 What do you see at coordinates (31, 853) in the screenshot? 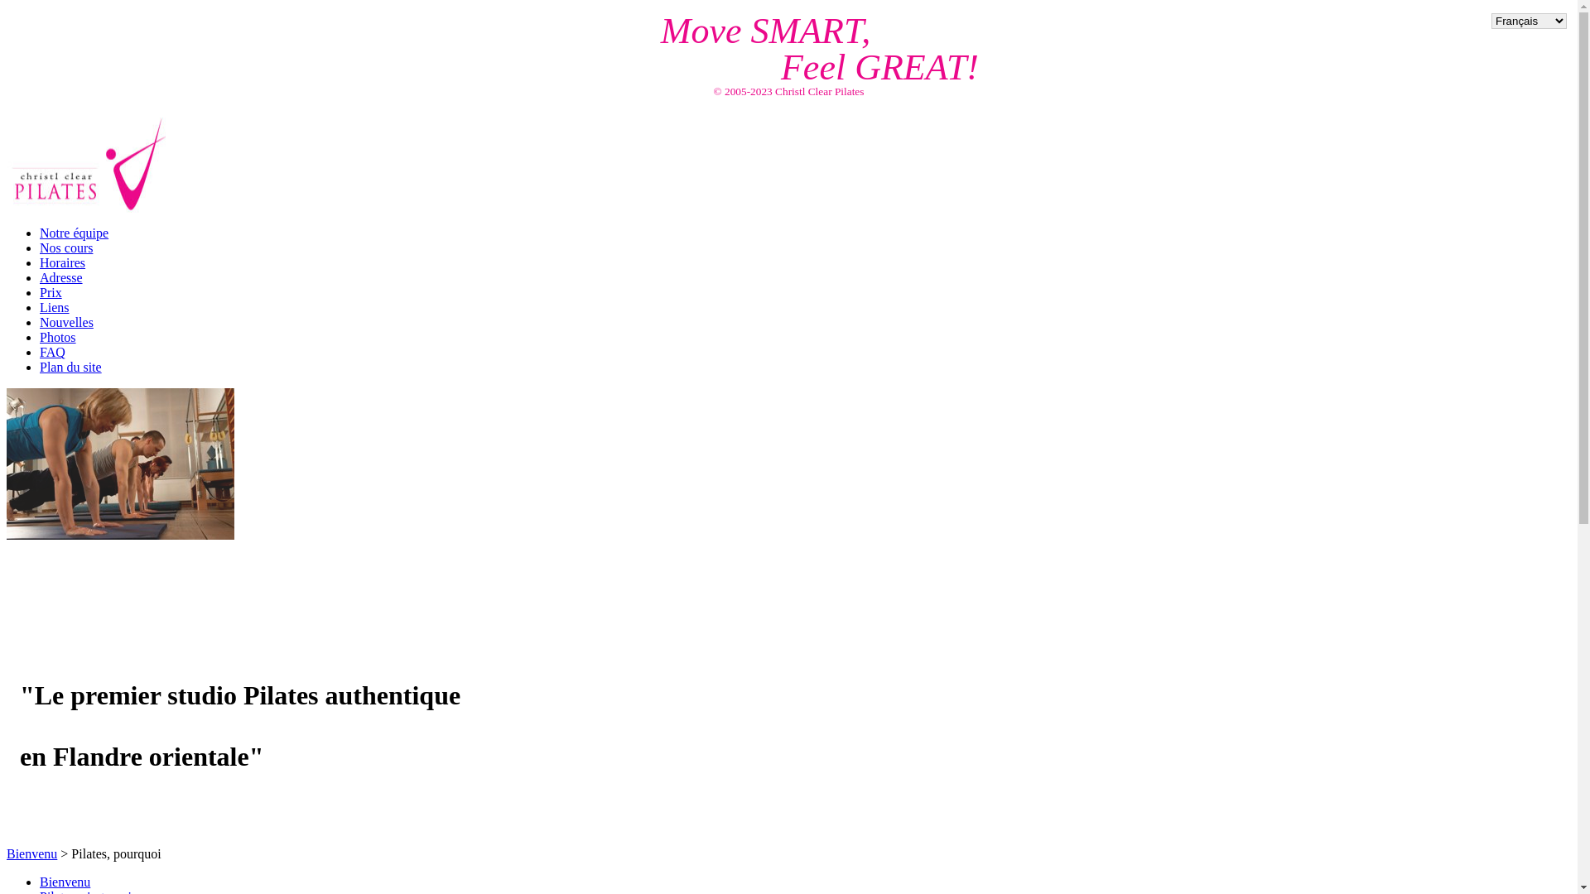
I see `'Bienvenu'` at bounding box center [31, 853].